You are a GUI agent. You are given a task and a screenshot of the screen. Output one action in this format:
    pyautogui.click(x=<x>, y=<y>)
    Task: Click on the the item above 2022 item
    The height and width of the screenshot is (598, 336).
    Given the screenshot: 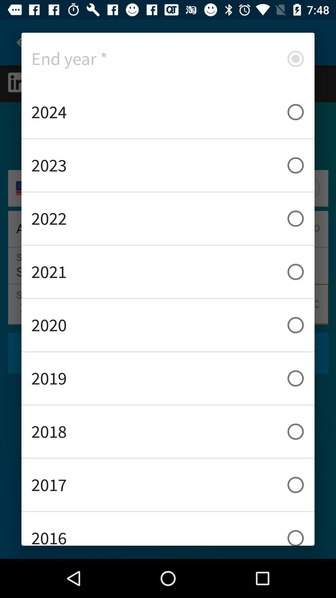 What is the action you would take?
    pyautogui.click(x=168, y=165)
    